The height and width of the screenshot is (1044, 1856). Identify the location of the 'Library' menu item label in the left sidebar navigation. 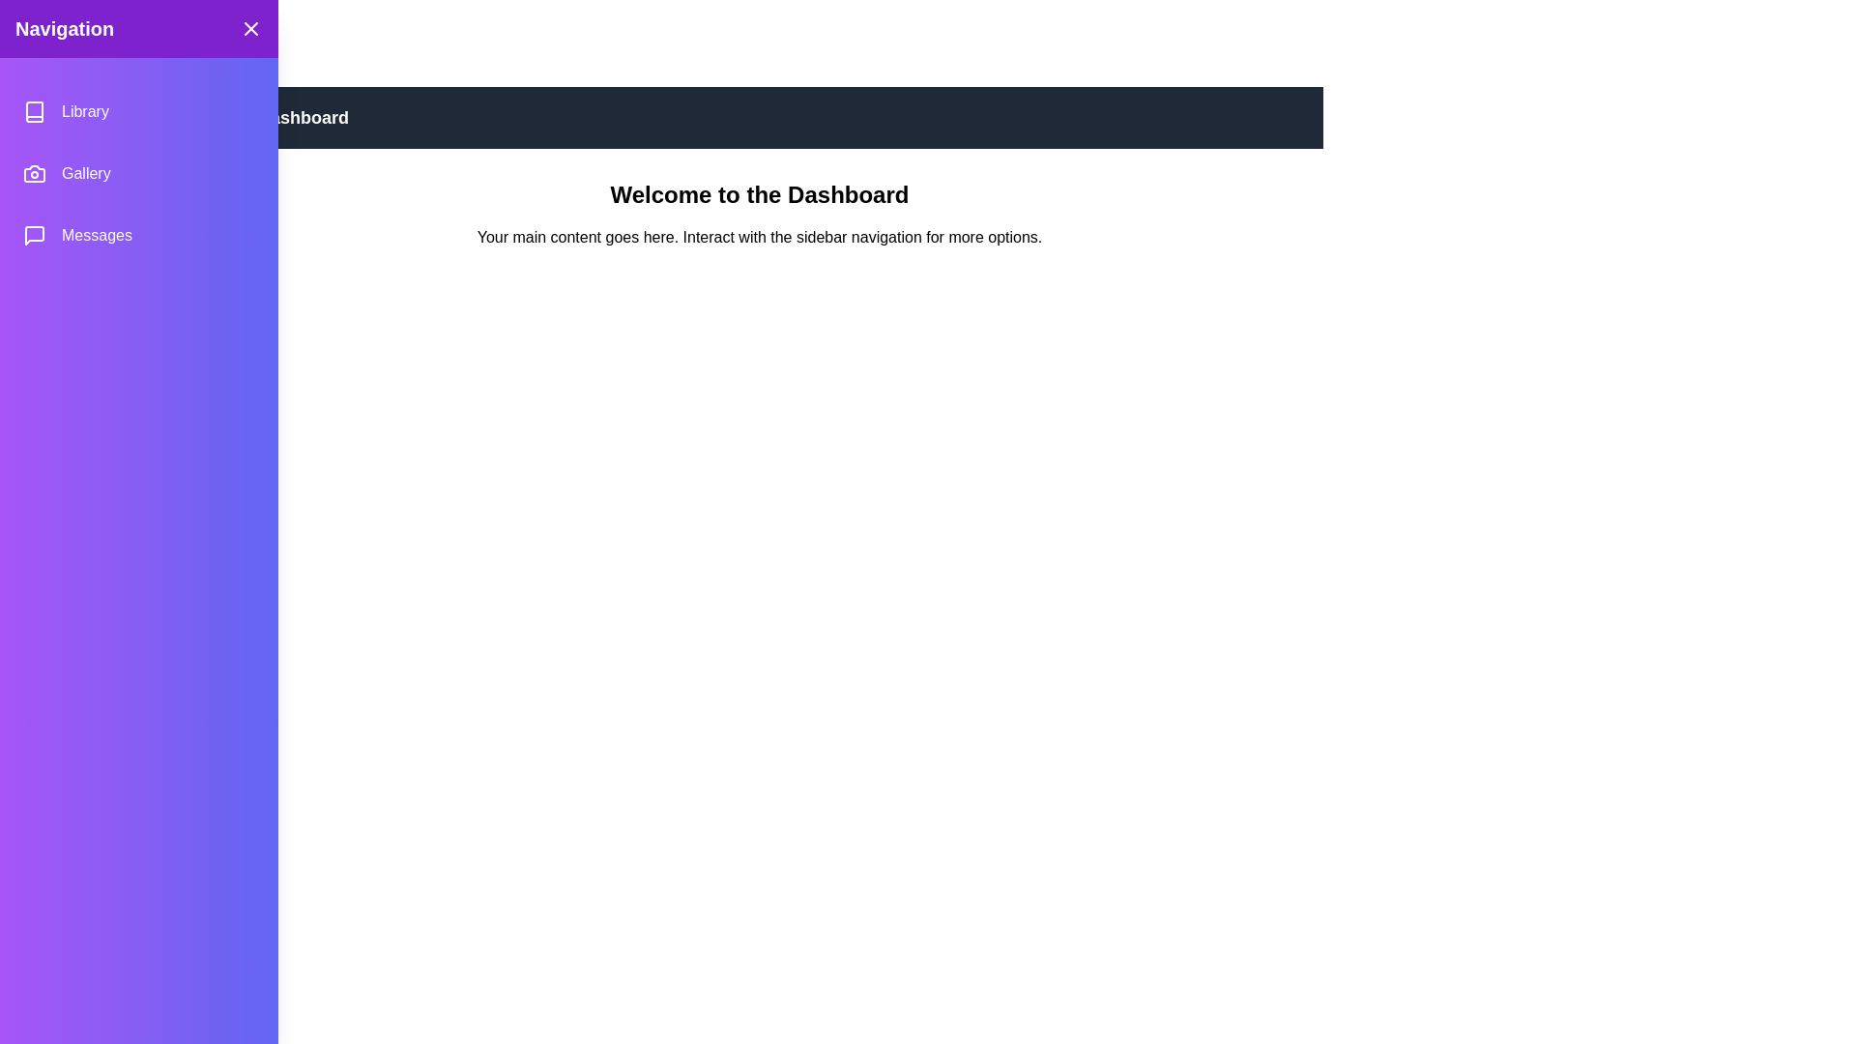
(84, 111).